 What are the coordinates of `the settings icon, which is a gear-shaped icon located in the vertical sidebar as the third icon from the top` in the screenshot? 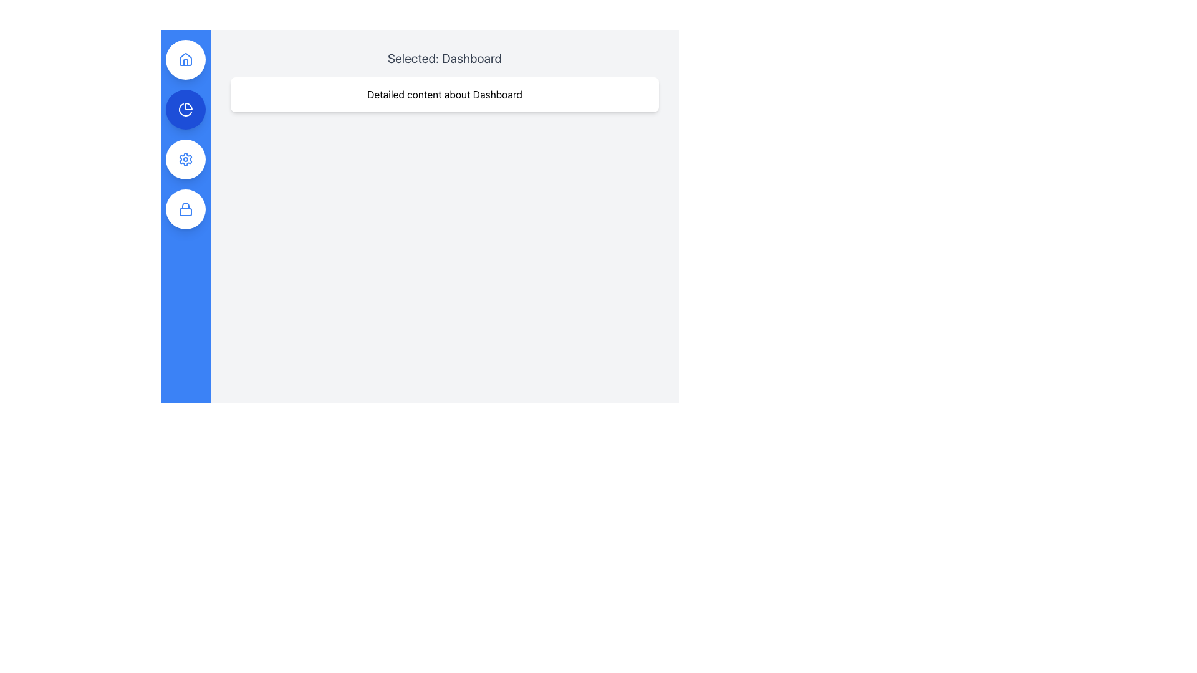 It's located at (185, 158).